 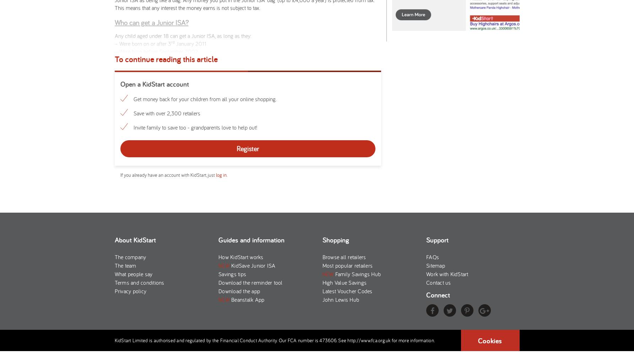 What do you see at coordinates (239, 244) in the screenshot?
I see `'Junior cash ISAs work just like a normal savings account, except that the interest is tax-free and your child cannot access the money until they are 18.'` at bounding box center [239, 244].